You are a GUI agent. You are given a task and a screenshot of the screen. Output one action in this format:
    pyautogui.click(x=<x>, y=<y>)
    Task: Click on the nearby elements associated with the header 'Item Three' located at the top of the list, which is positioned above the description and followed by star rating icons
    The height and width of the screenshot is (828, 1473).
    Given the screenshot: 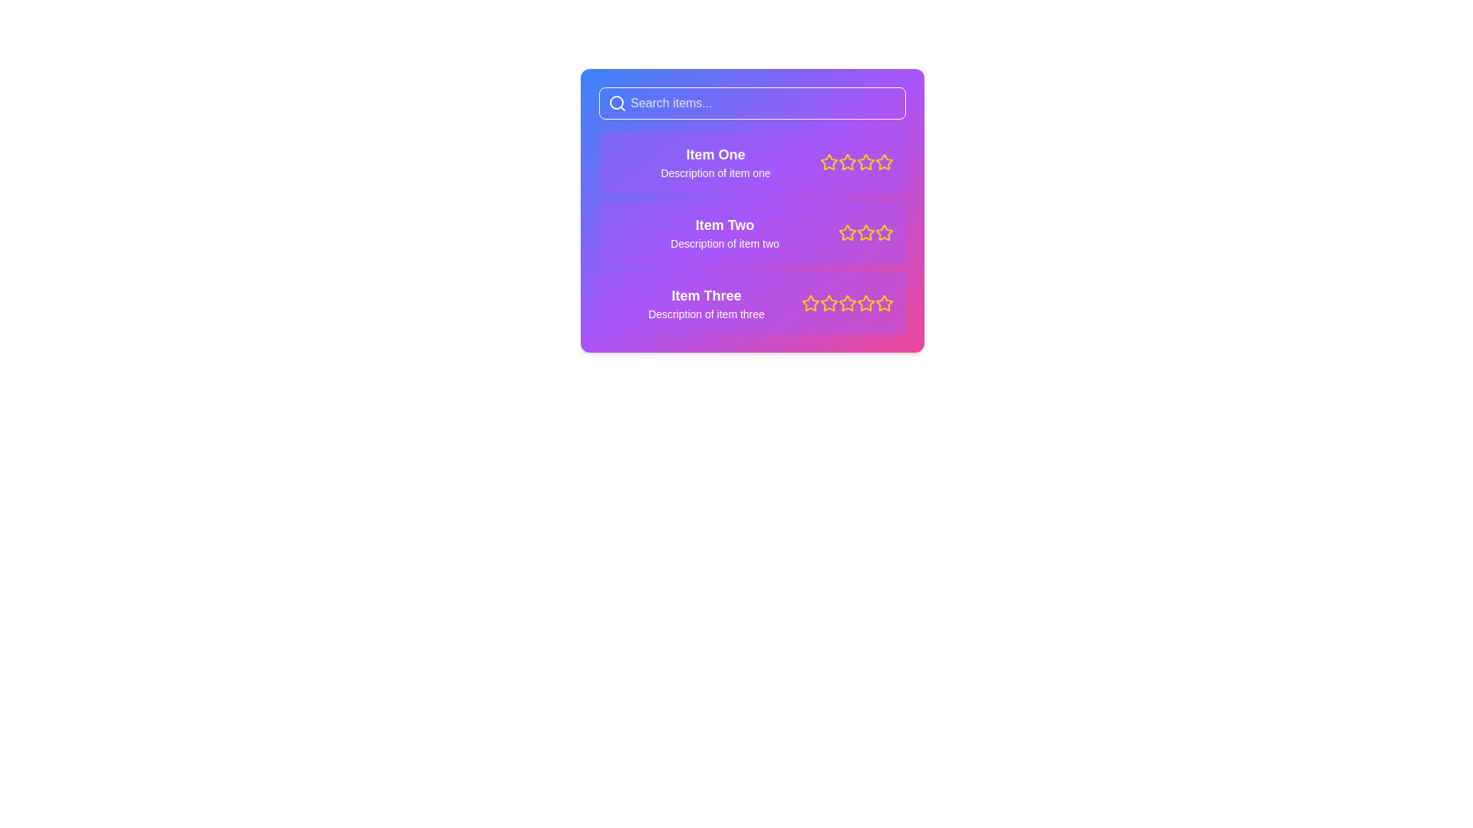 What is the action you would take?
    pyautogui.click(x=706, y=295)
    